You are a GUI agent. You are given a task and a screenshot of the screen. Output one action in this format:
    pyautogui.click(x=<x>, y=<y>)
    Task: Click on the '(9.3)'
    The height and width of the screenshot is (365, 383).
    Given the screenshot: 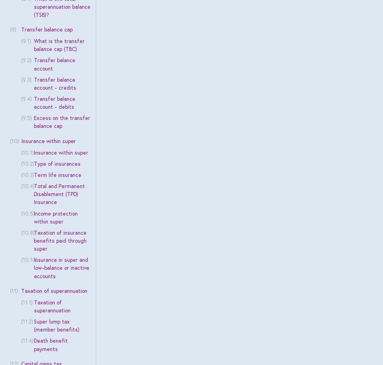 What is the action you would take?
    pyautogui.click(x=26, y=78)
    